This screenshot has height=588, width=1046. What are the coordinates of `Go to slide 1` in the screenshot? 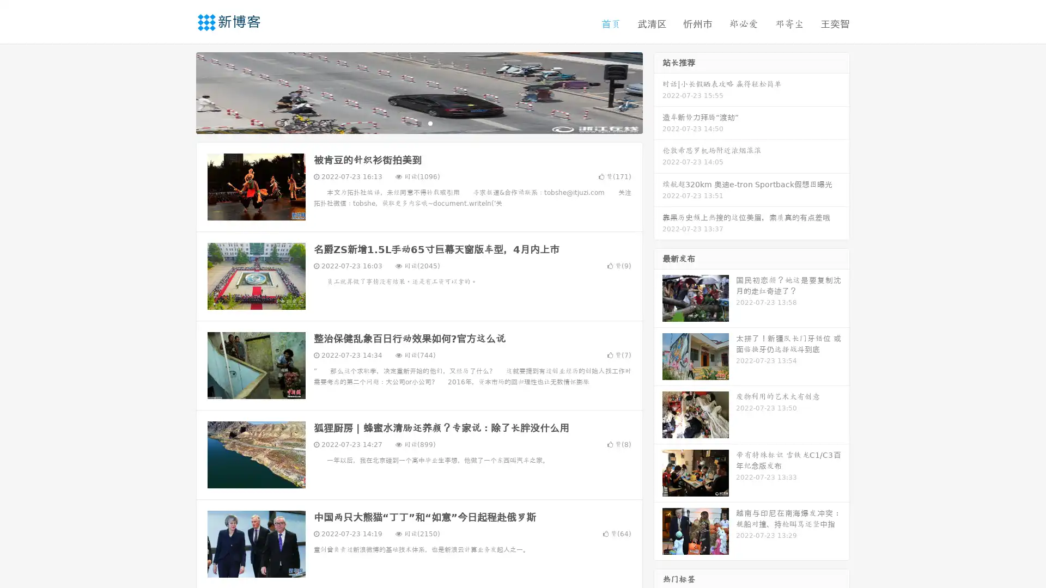 It's located at (408, 122).